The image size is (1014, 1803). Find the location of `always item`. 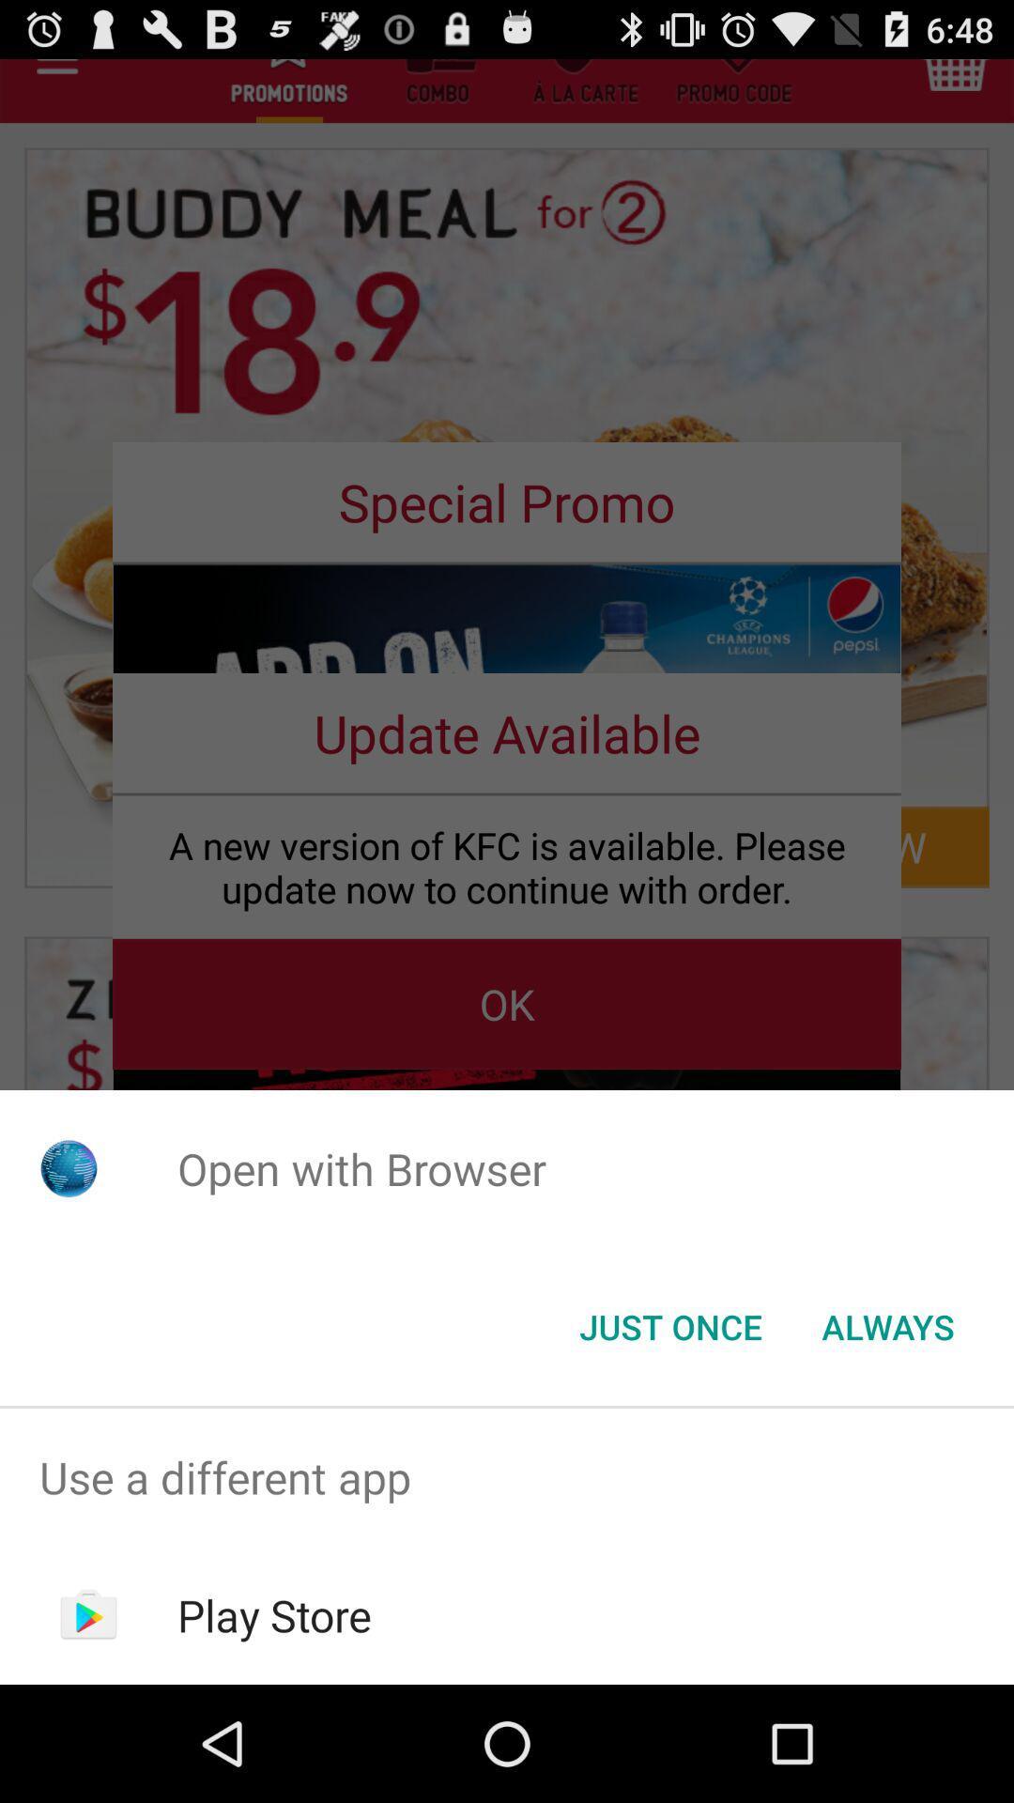

always item is located at coordinates (887, 1325).